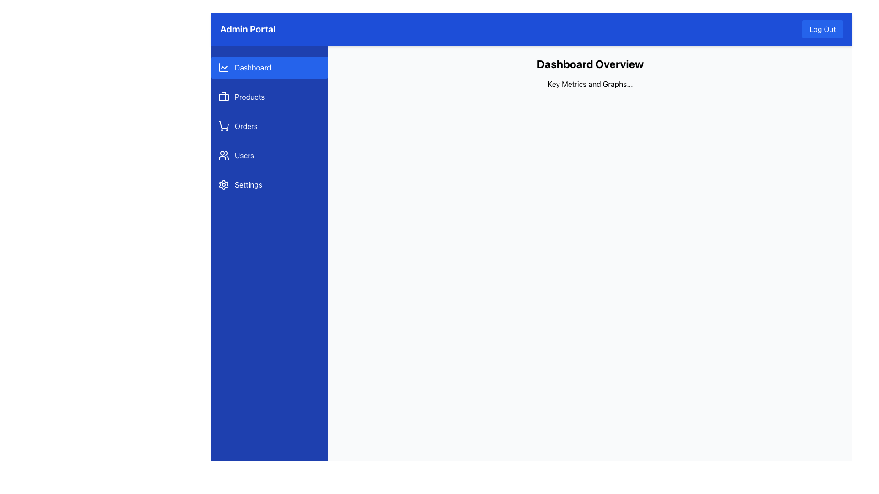 Image resolution: width=879 pixels, height=494 pixels. I want to click on the briefcase icon located on the navigation menu under the 'Products' label, so click(224, 97).